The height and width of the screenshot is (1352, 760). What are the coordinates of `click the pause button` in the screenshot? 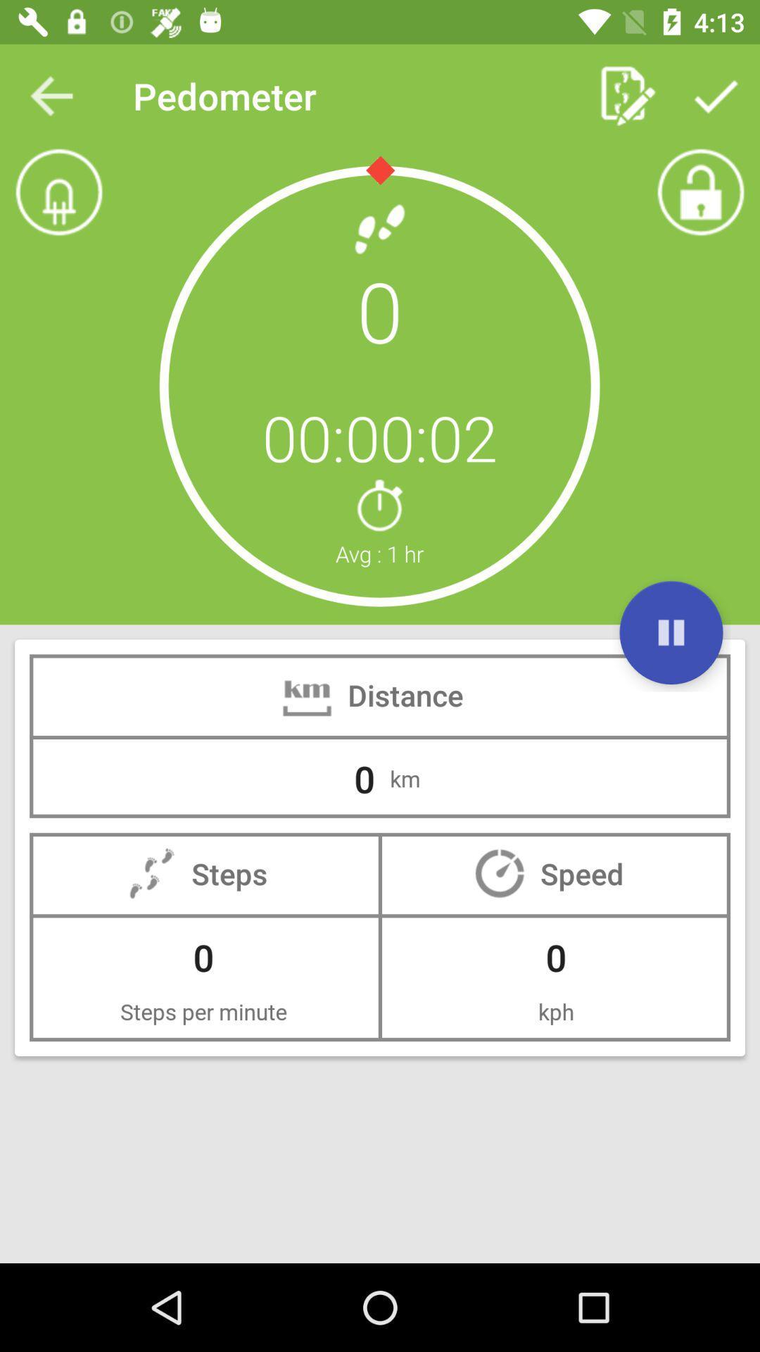 It's located at (670, 632).